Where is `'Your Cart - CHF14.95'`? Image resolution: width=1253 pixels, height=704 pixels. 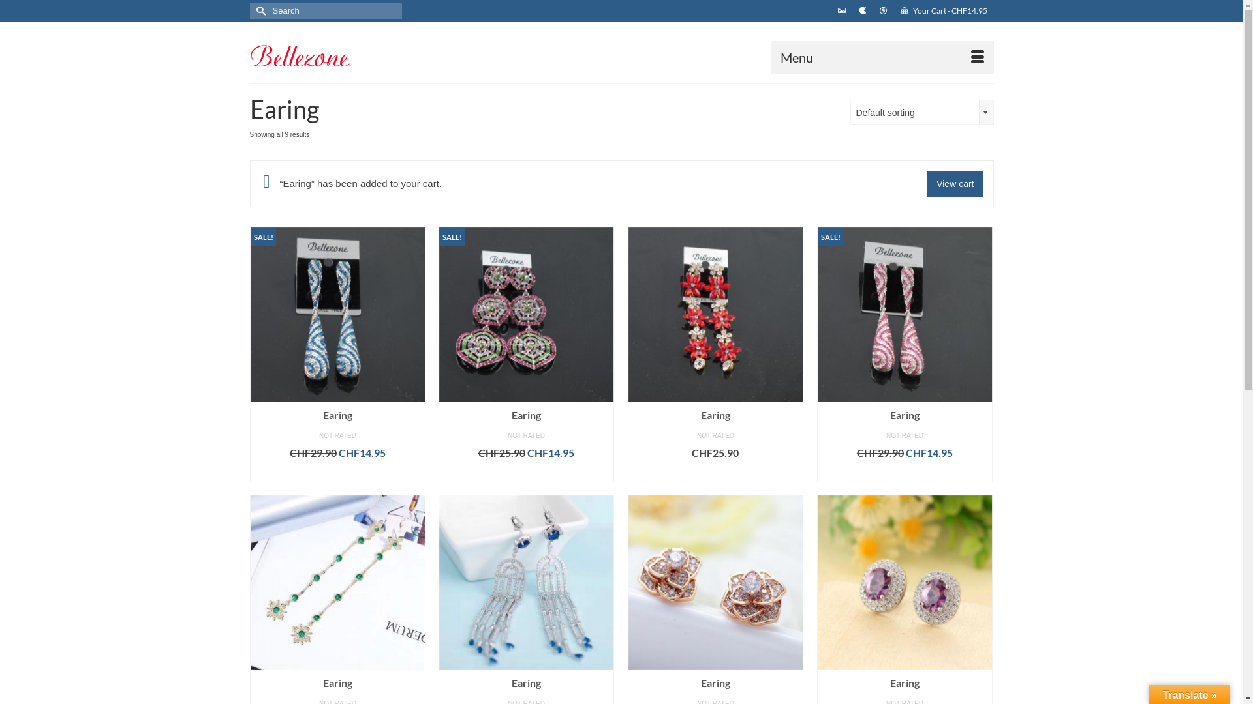
'Your Cart - CHF14.95' is located at coordinates (944, 10).